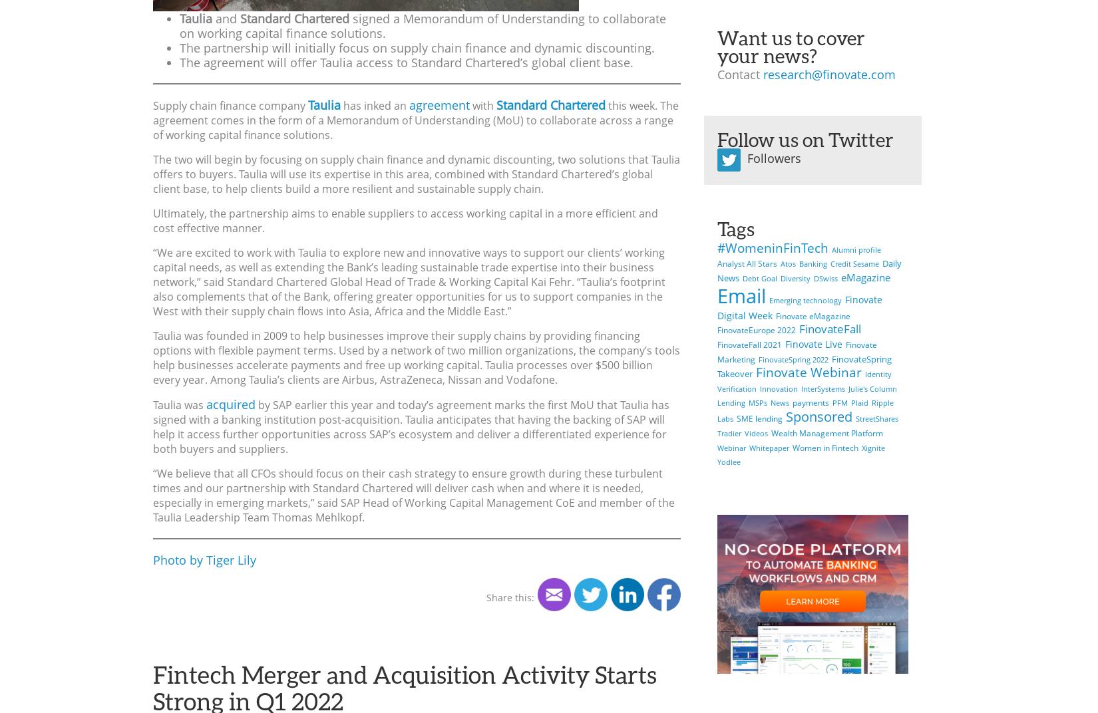 Image resolution: width=1098 pixels, height=713 pixels. I want to click on 'The two will begin by focusing on supply chain finance and dynamic discounting, two solutions that Taulia offers to buyers. Taulia will use its expertise in this area, combined with Standard Chartered’s global client base, to help clients build a more resilient and sustainable supply chain.', so click(416, 174).